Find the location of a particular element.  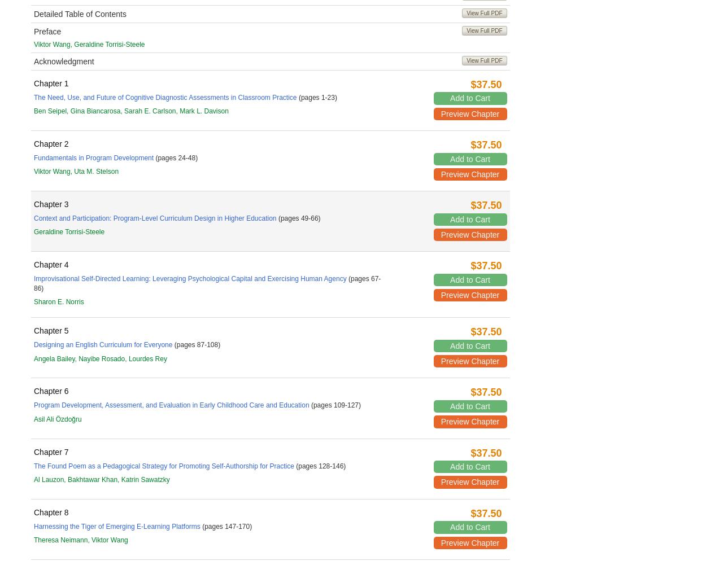

'(pages 67-86)' is located at coordinates (34, 283).